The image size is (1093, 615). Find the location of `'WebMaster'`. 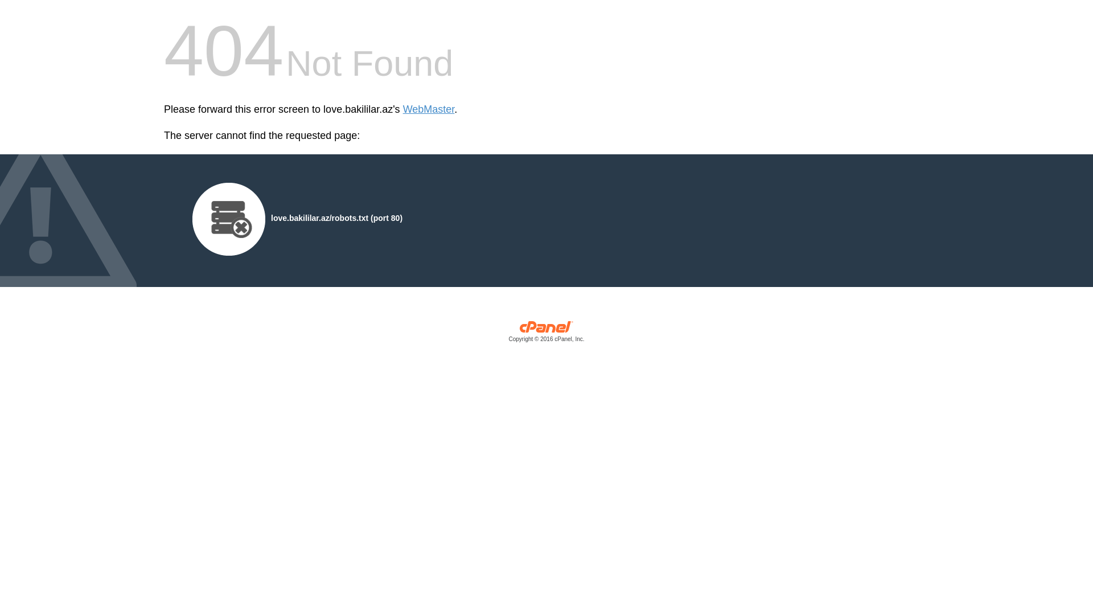

'WebMaster' is located at coordinates (428, 109).